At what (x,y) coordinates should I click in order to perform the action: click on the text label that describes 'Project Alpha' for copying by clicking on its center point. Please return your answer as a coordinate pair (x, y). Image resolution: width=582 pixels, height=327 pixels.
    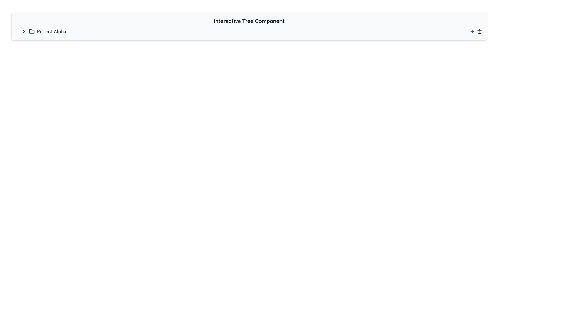
    Looking at the image, I should click on (52, 31).